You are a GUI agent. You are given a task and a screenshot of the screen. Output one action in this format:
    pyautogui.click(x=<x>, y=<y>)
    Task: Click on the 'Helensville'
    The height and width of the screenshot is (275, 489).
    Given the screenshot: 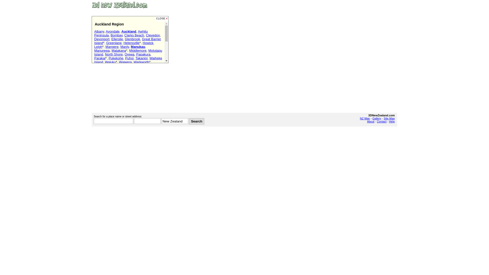 What is the action you would take?
    pyautogui.click(x=131, y=43)
    